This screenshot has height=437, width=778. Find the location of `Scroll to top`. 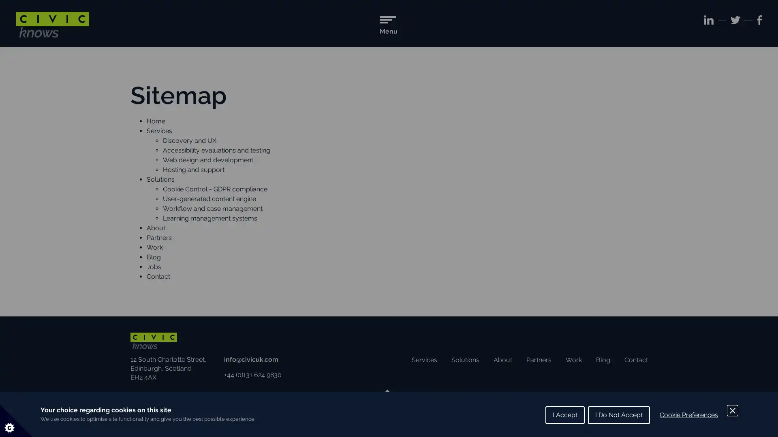

Scroll to top is located at coordinates (387, 396).